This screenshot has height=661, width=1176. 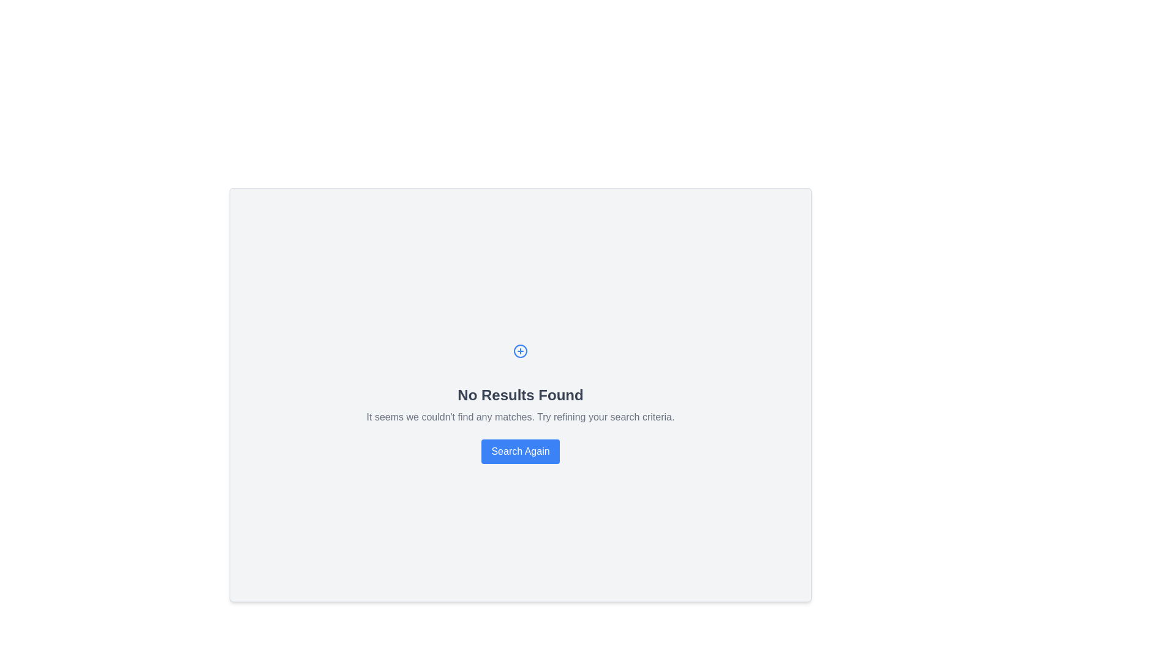 I want to click on the icon button with a plus sign located above the 'No Results Found' text, so click(x=520, y=351).